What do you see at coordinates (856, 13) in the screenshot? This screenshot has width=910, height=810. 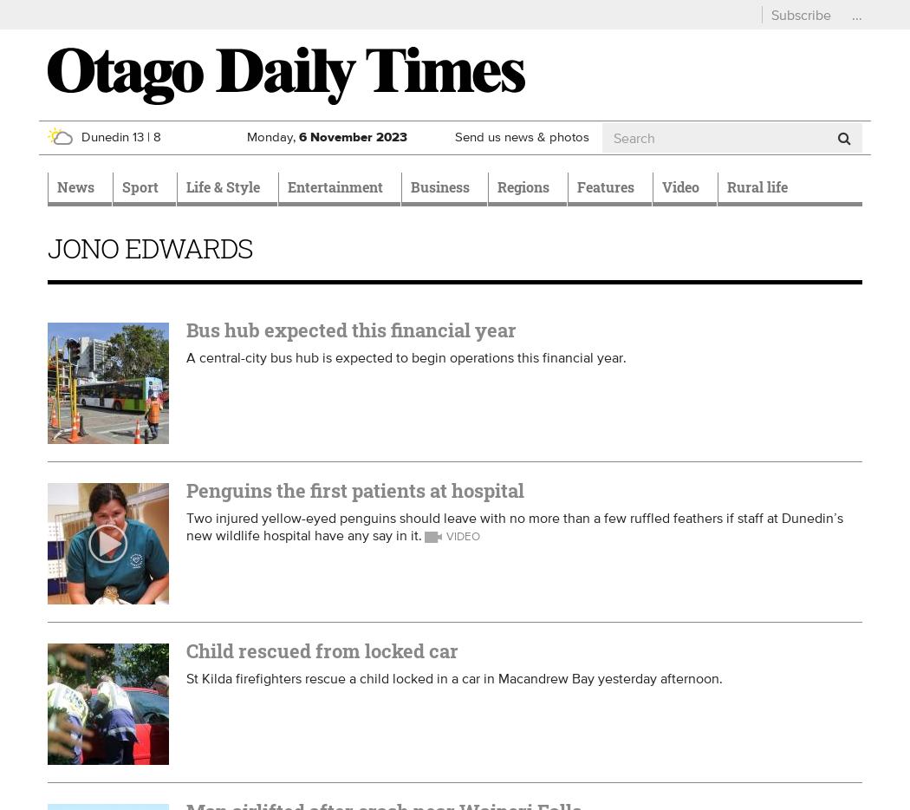 I see `'...'` at bounding box center [856, 13].